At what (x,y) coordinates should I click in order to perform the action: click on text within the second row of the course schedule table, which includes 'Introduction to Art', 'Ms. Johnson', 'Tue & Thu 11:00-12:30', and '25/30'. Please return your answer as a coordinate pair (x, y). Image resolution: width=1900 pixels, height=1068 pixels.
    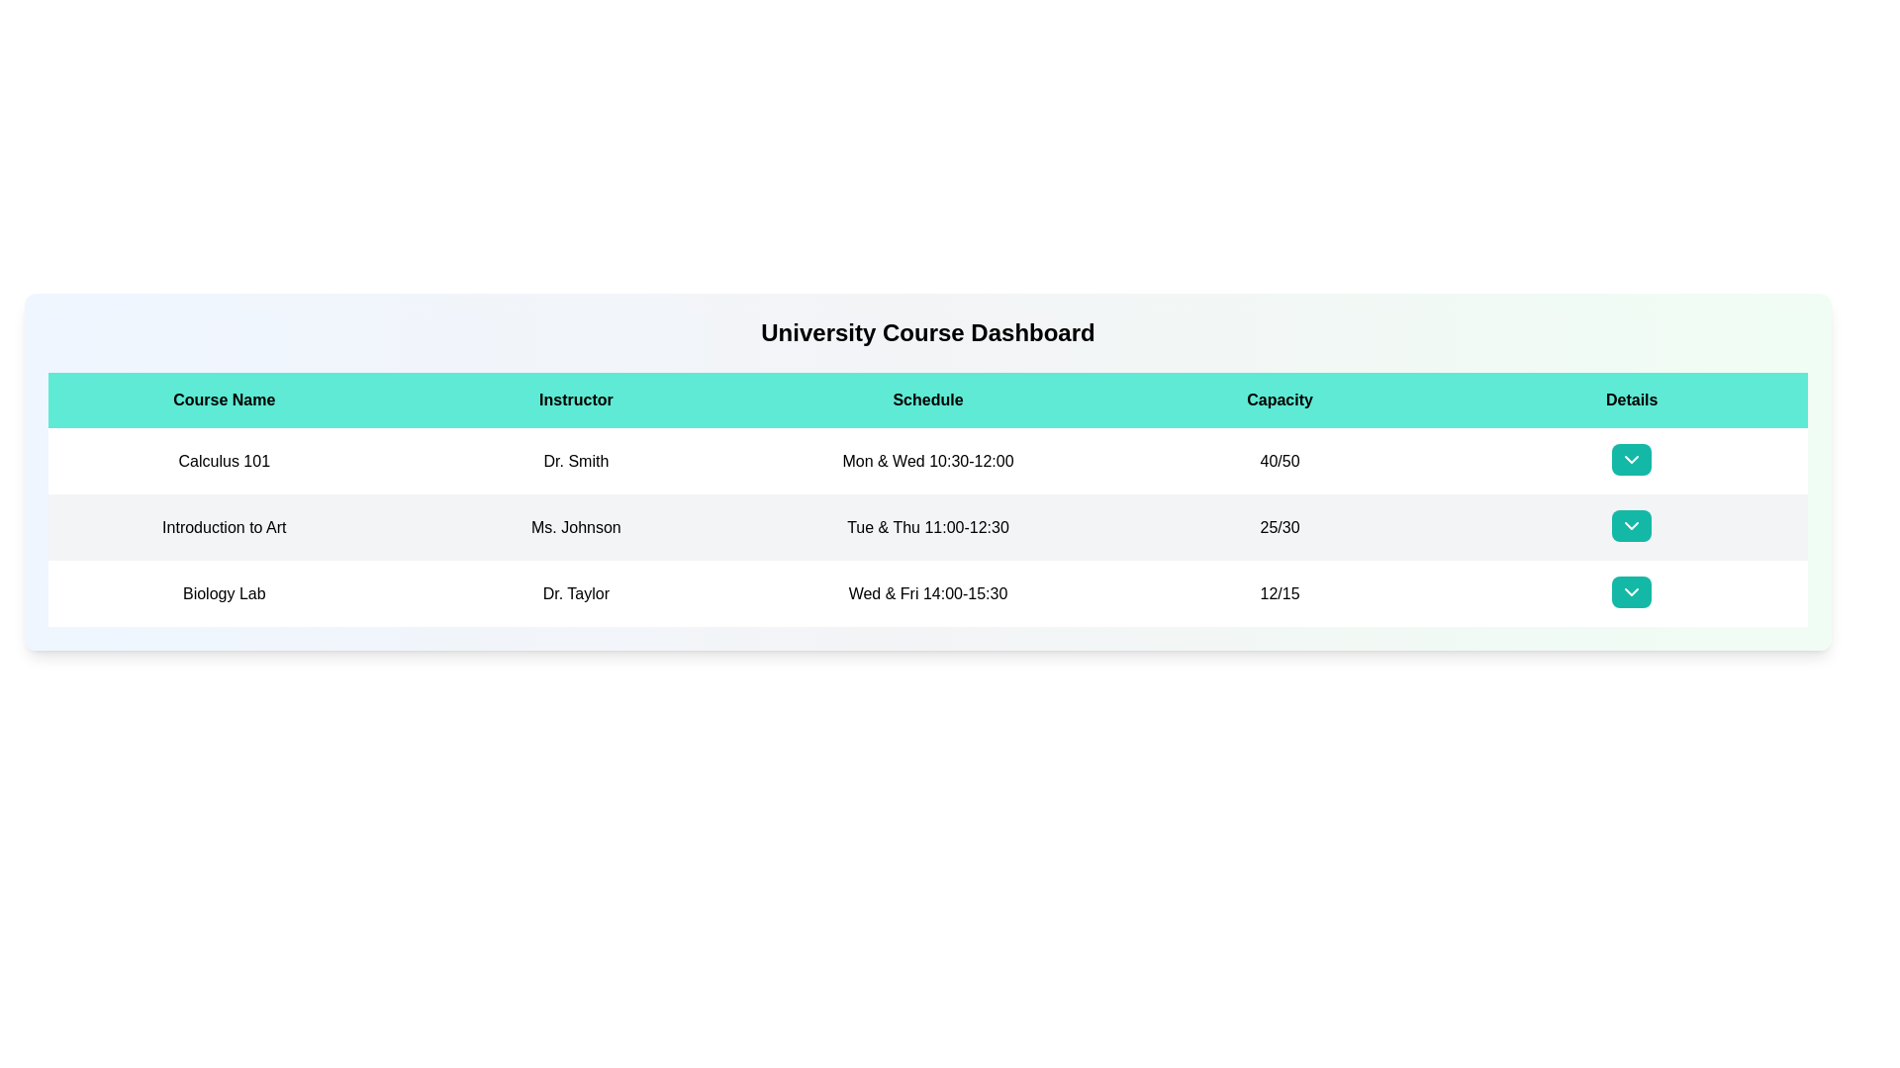
    Looking at the image, I should click on (926, 526).